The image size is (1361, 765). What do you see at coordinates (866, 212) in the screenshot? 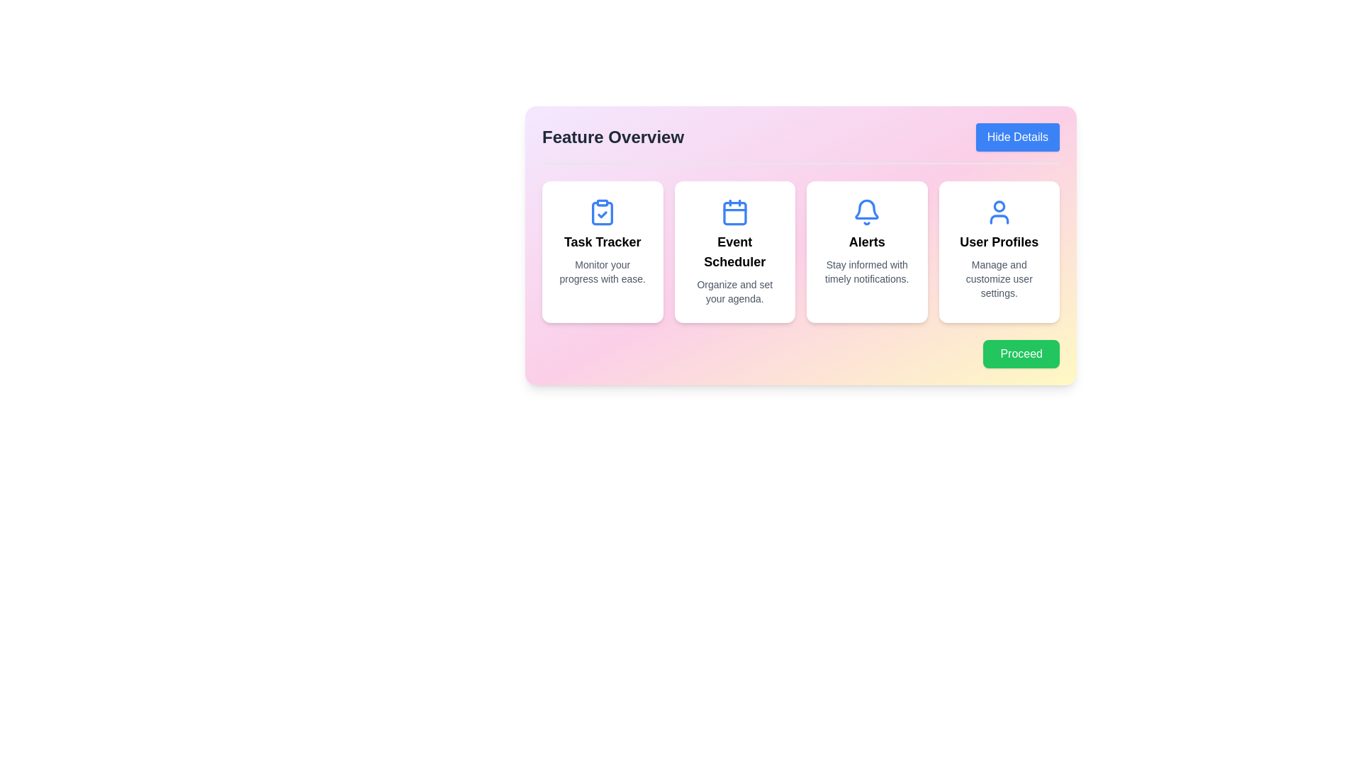
I see `the blue bell-shaped icon representing notifications, which is centrally positioned within the white card labeled 'Alerts'` at bounding box center [866, 212].